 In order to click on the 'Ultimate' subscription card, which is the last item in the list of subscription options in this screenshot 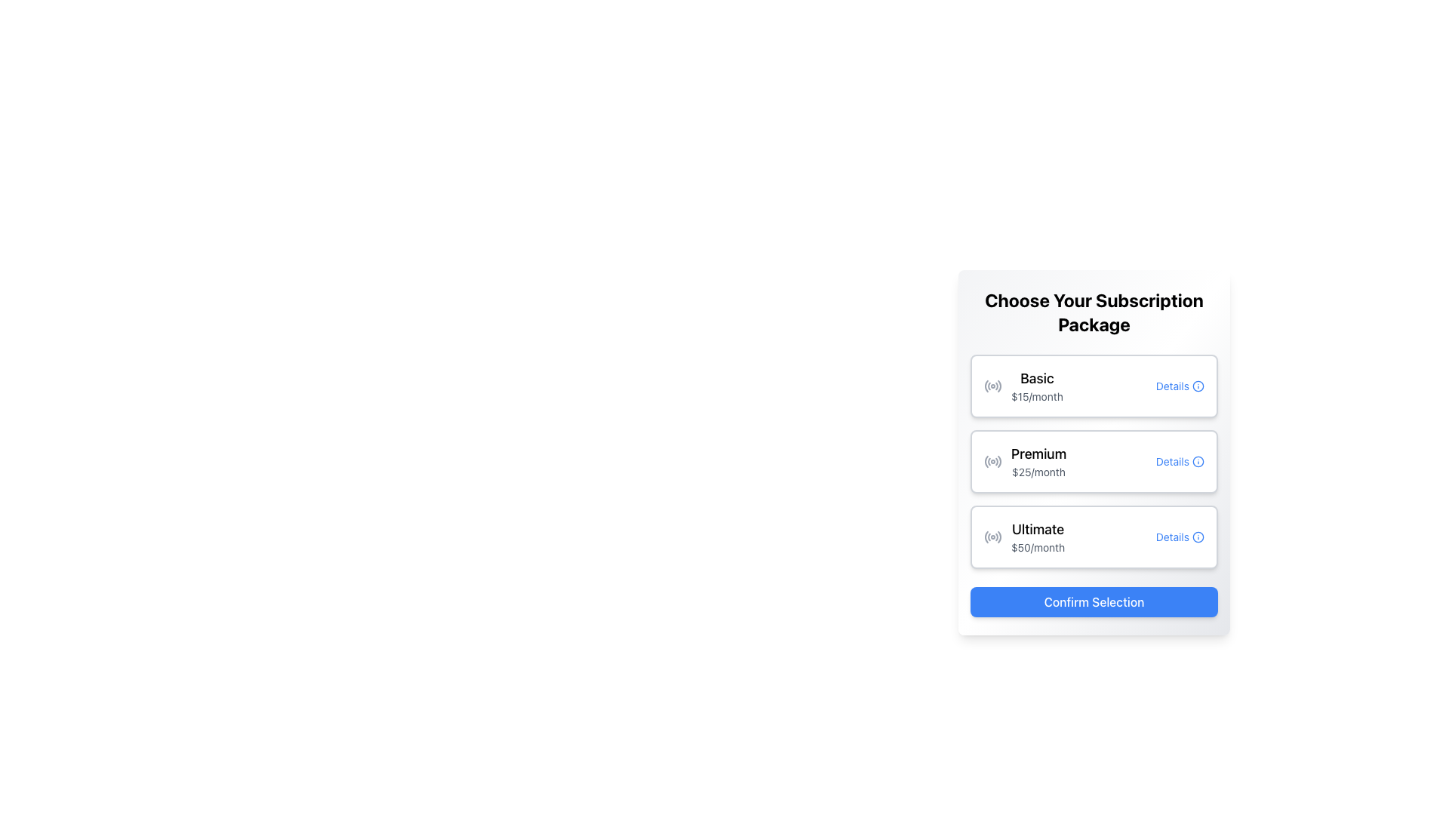, I will do `click(1094, 537)`.